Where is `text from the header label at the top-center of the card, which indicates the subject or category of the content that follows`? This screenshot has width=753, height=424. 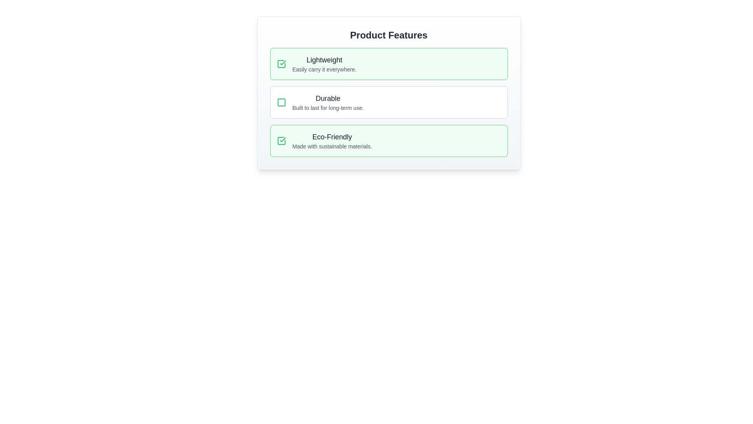 text from the header label at the top-center of the card, which indicates the subject or category of the content that follows is located at coordinates (389, 35).